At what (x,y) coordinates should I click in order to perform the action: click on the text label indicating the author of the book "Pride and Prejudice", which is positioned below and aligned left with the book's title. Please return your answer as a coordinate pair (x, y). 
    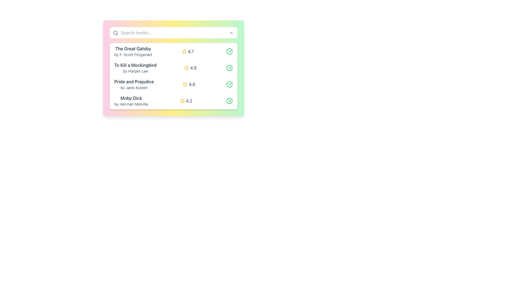
    Looking at the image, I should click on (134, 87).